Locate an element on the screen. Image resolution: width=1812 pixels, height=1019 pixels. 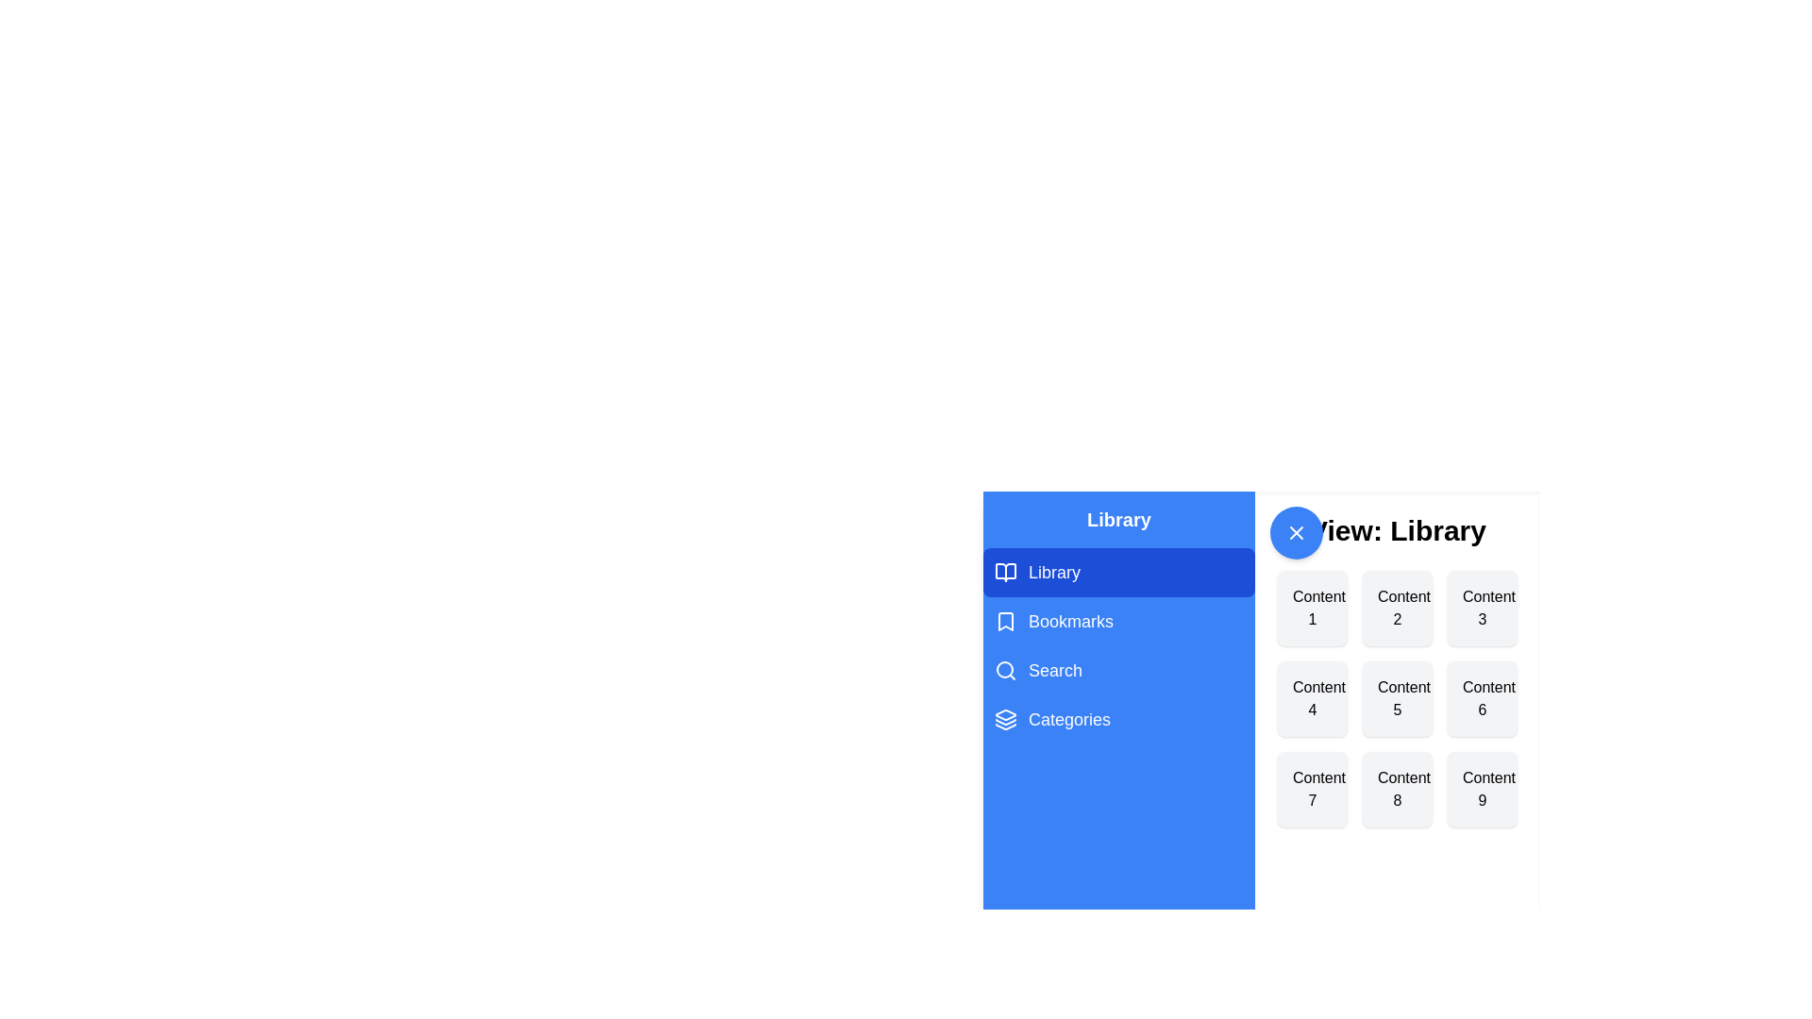
the section Library from the sidebar menu is located at coordinates (1118, 571).